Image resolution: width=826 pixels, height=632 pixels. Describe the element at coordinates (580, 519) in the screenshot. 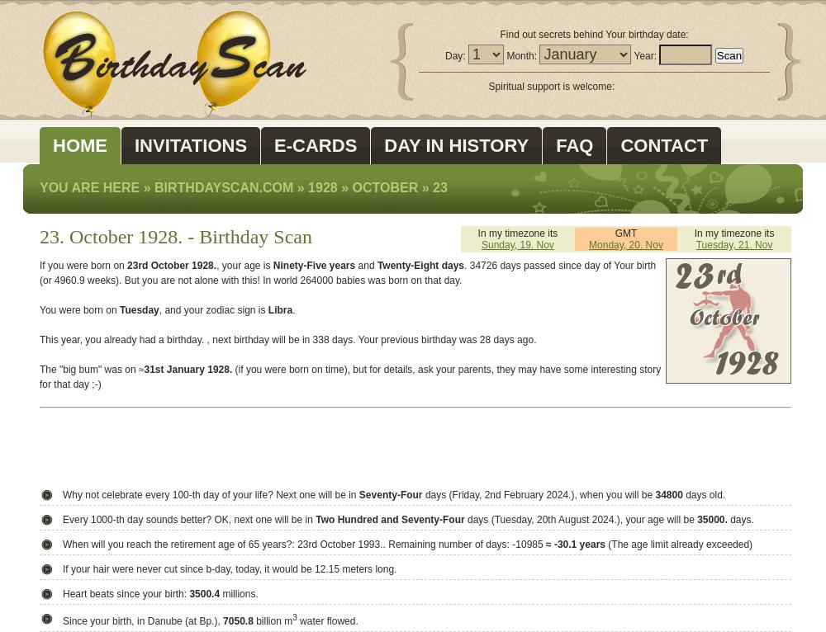

I see `'days (Tuesday, 20th August 2024.), your age will be'` at that location.